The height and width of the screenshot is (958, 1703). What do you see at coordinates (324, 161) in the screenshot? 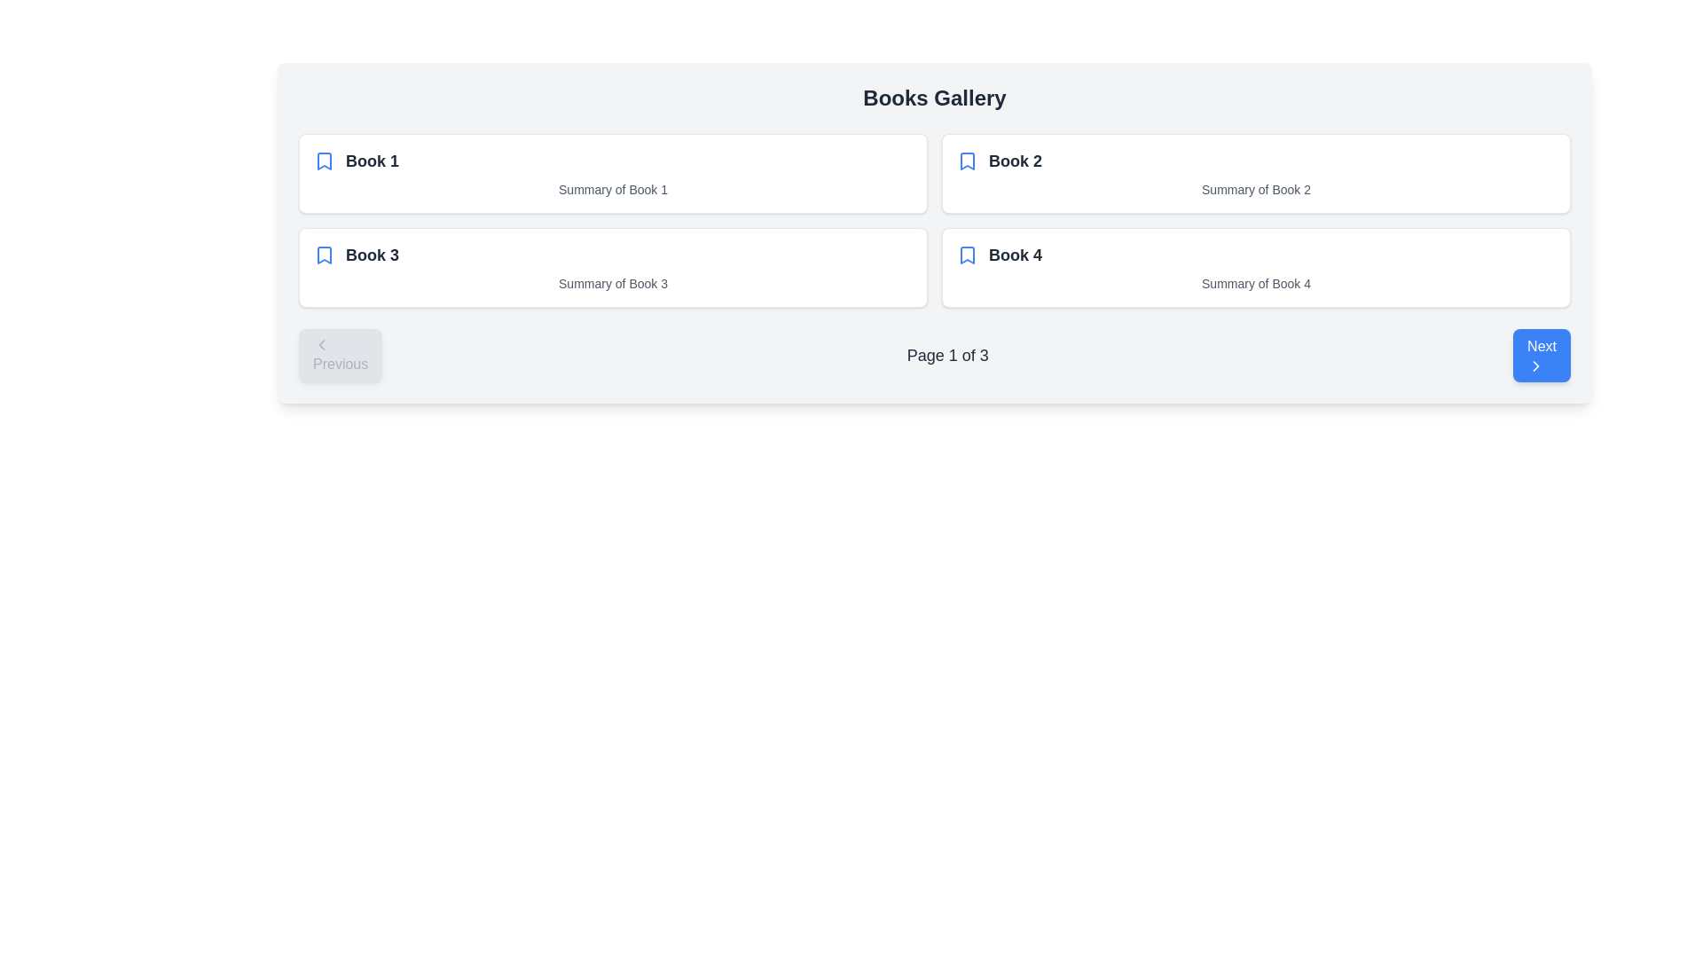
I see `the visual indicator icon that bookmarks 'Book 1', located to the left of the title within the first card of the Books Gallery` at bounding box center [324, 161].